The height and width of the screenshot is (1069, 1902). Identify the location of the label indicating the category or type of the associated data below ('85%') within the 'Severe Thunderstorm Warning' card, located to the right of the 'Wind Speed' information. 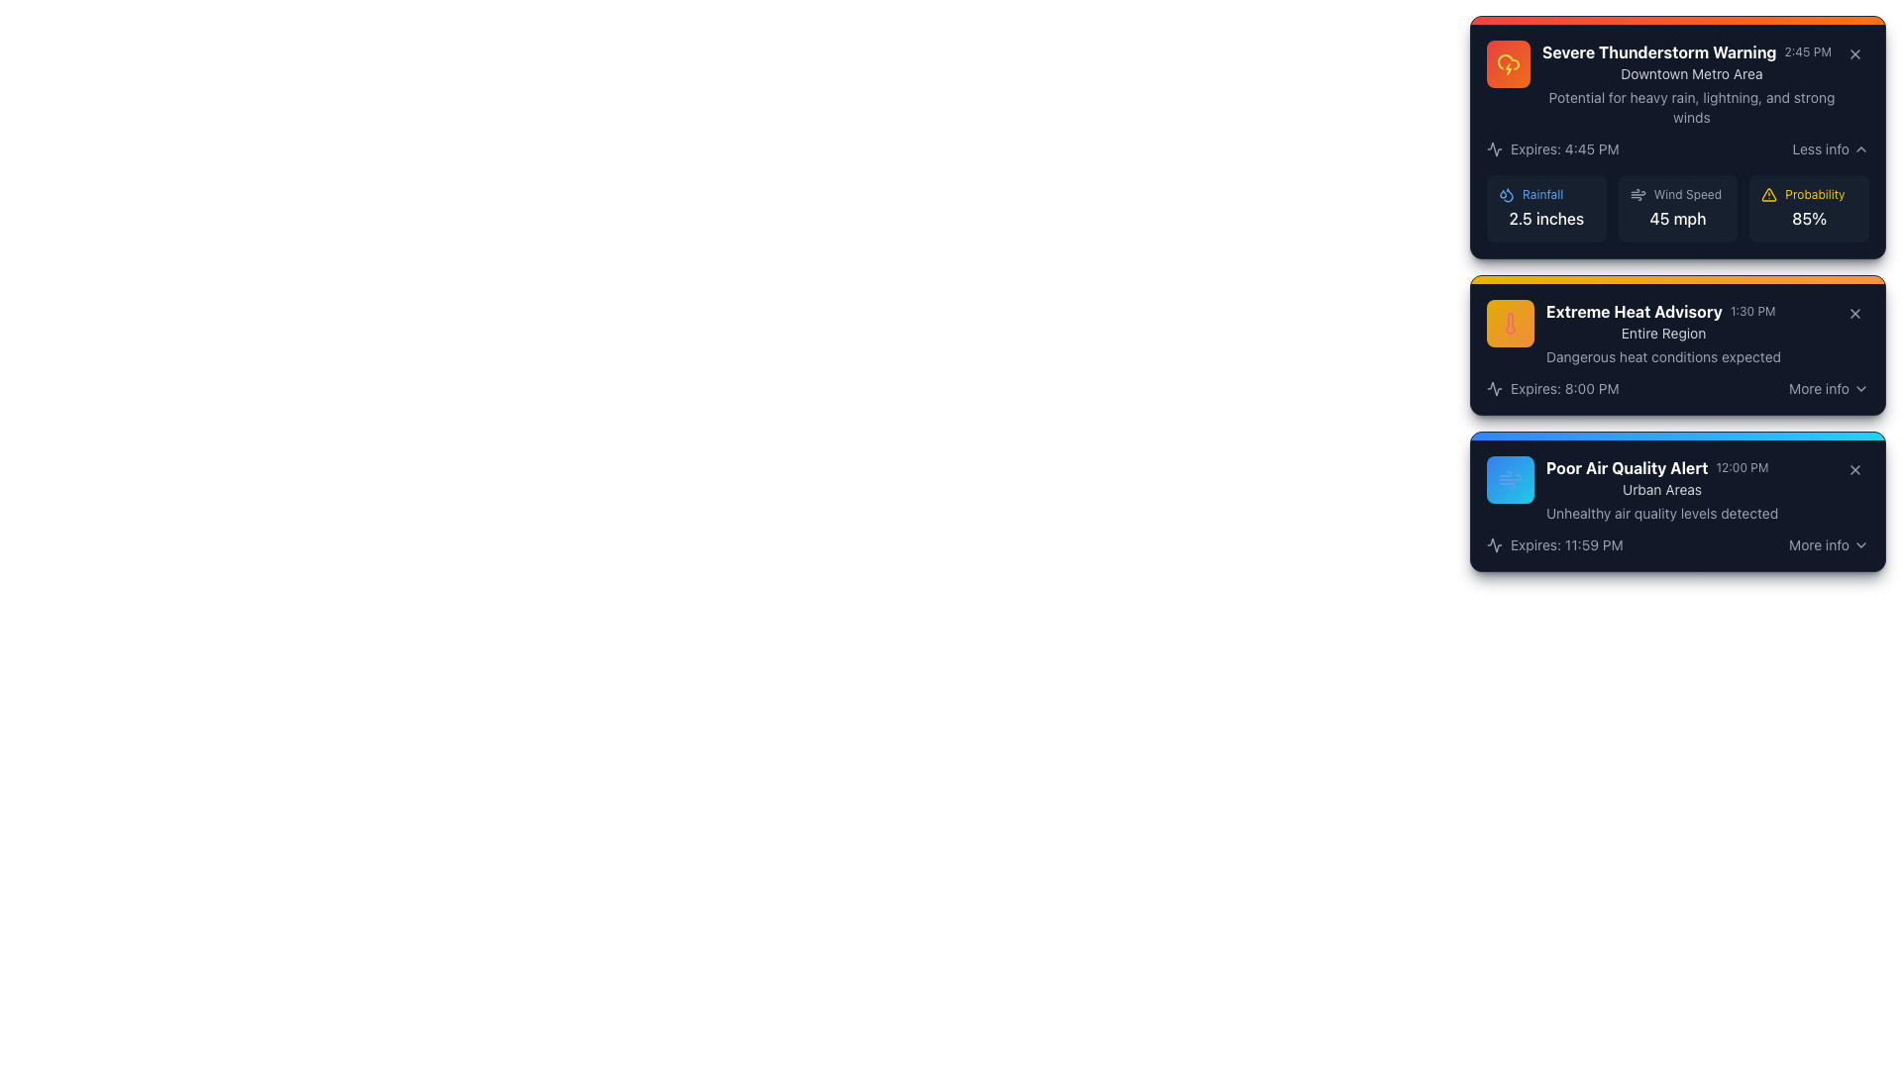
(1809, 194).